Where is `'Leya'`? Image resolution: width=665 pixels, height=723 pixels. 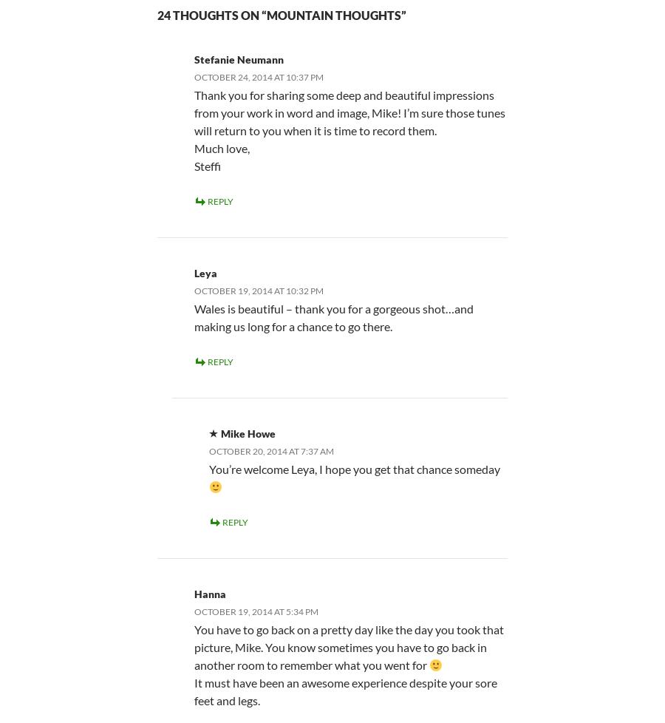
'Leya' is located at coordinates (193, 271).